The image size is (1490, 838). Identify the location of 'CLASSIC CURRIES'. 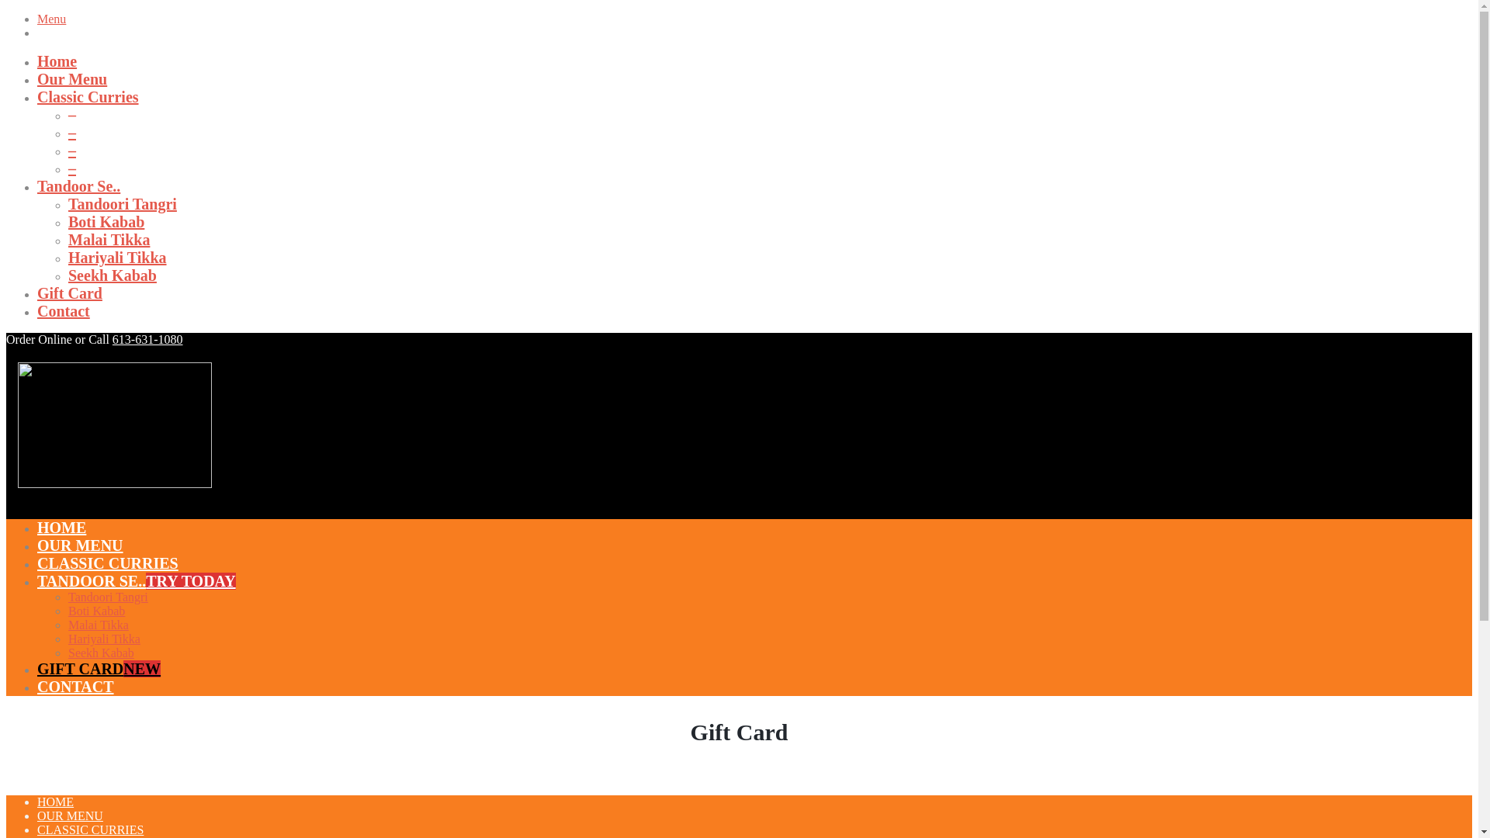
(107, 563).